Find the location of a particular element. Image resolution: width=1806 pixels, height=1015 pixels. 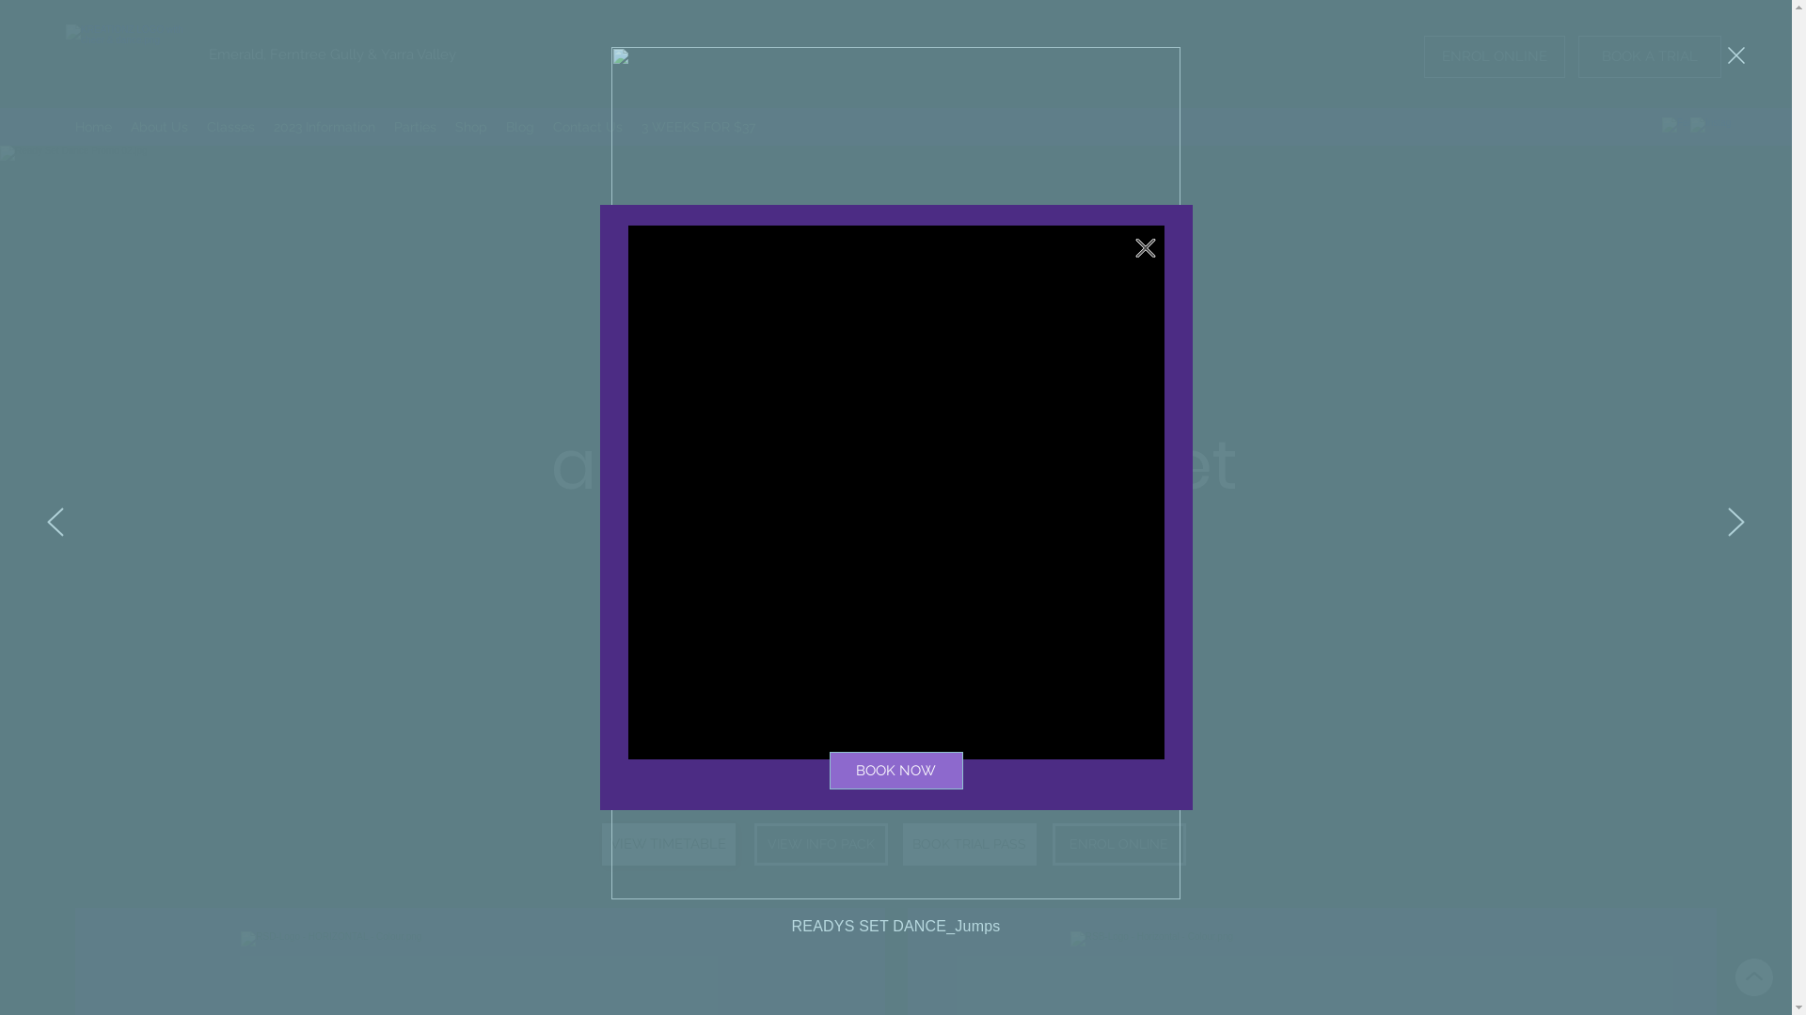

'BOOK A TRIAL' is located at coordinates (1578, 55).